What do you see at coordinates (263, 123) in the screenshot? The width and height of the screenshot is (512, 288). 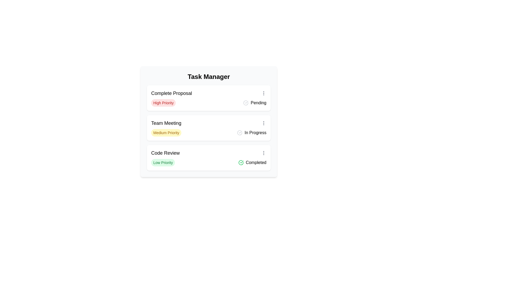 I see `the vertical ellipsis icon located to the right of the 'In Progress' text in the 'Team Meeting' row of the 'Task Manager' interface` at bounding box center [263, 123].